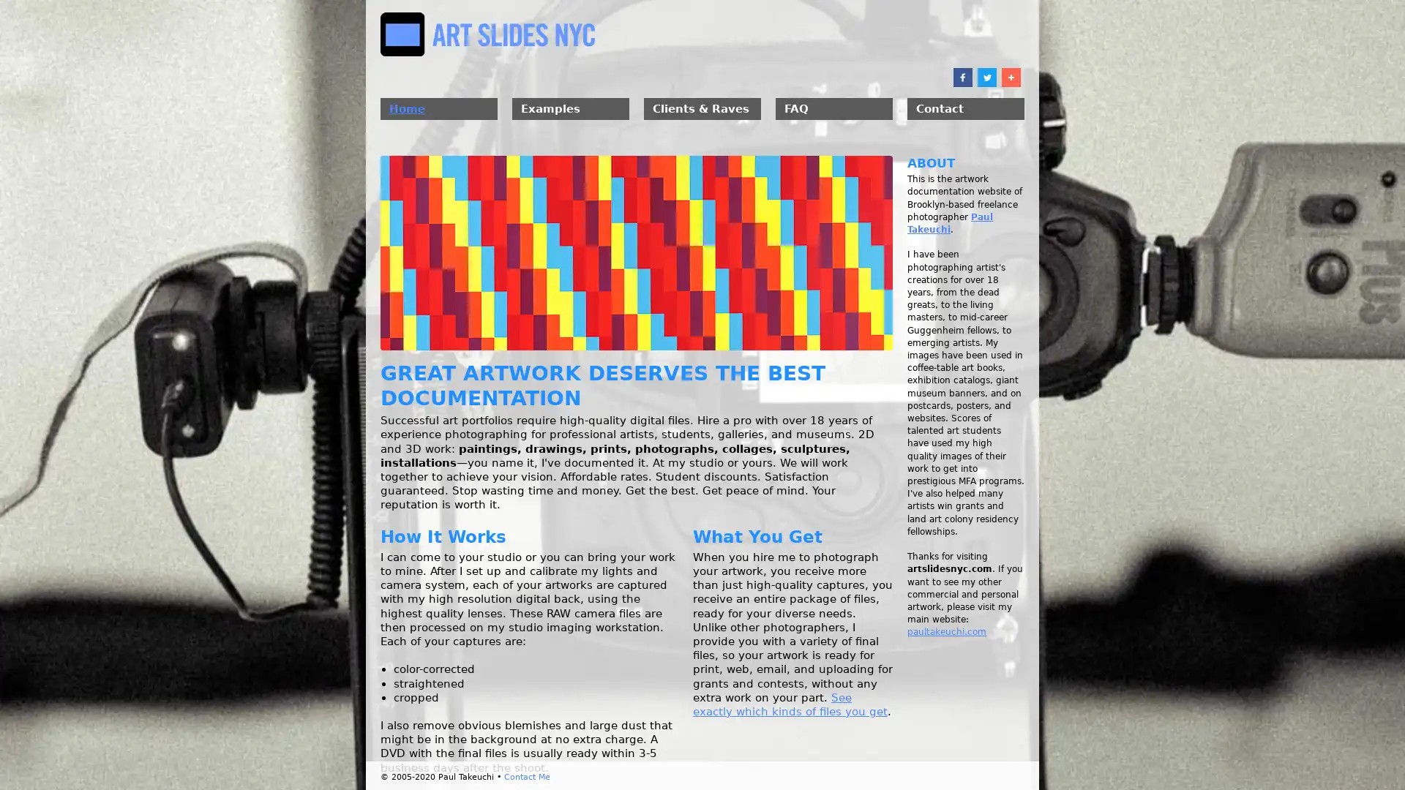 The width and height of the screenshot is (1405, 790). I want to click on Share to More, so click(1013, 76).